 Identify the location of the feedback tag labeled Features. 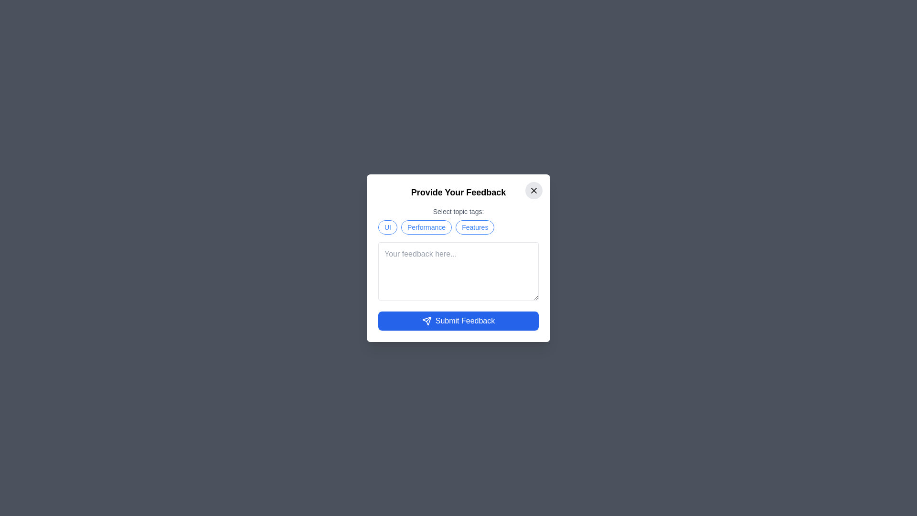
(475, 227).